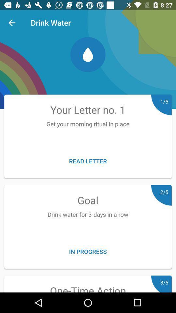 Image resolution: width=176 pixels, height=313 pixels. Describe the element at coordinates (88, 160) in the screenshot. I see `the read letter icon` at that location.